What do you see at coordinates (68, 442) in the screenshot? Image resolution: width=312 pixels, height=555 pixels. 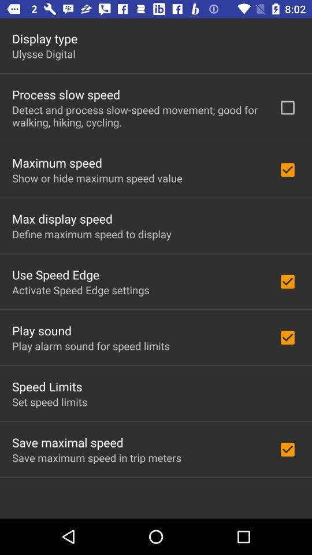 I see `the save maximal speed` at bounding box center [68, 442].